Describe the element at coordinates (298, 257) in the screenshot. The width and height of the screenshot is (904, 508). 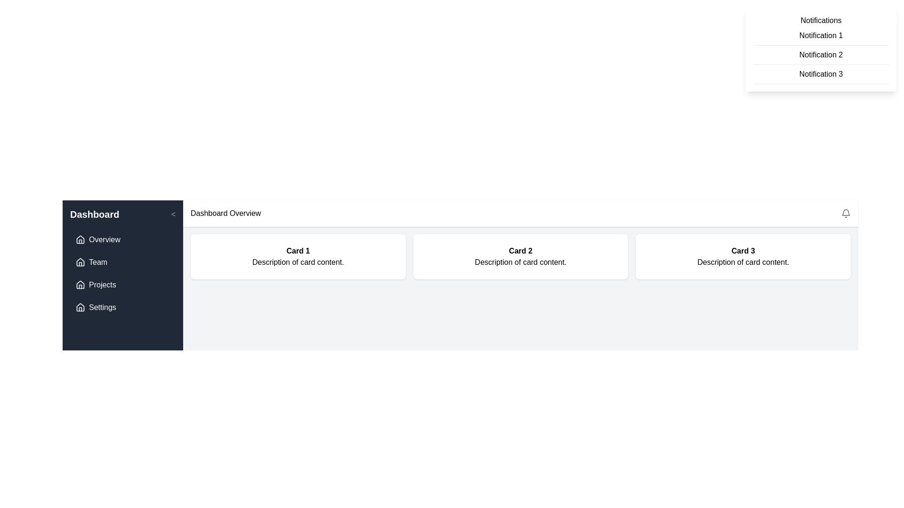
I see `the Informational card titled 'Card 1', which is a white card with rounded corners and shadow effect, located in the central part of the interface` at that location.